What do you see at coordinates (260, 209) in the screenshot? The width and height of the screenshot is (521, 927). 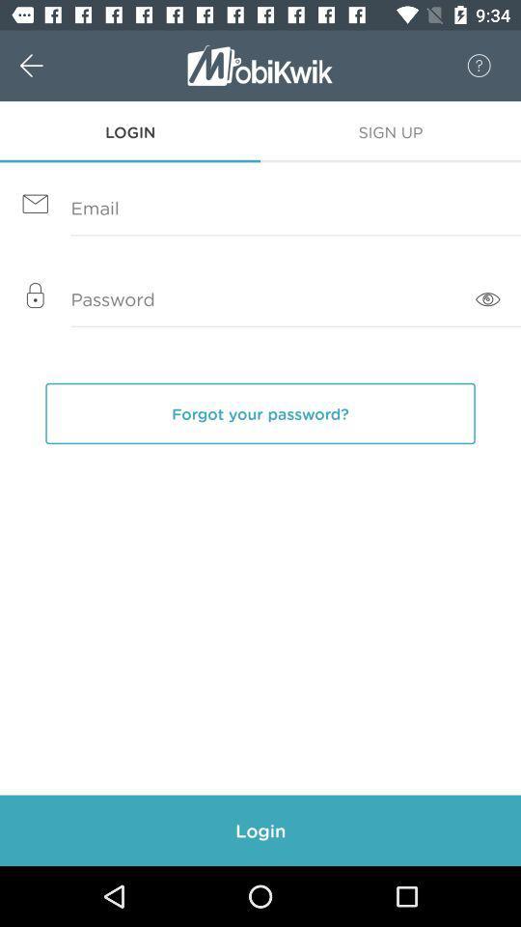 I see `your email address` at bounding box center [260, 209].